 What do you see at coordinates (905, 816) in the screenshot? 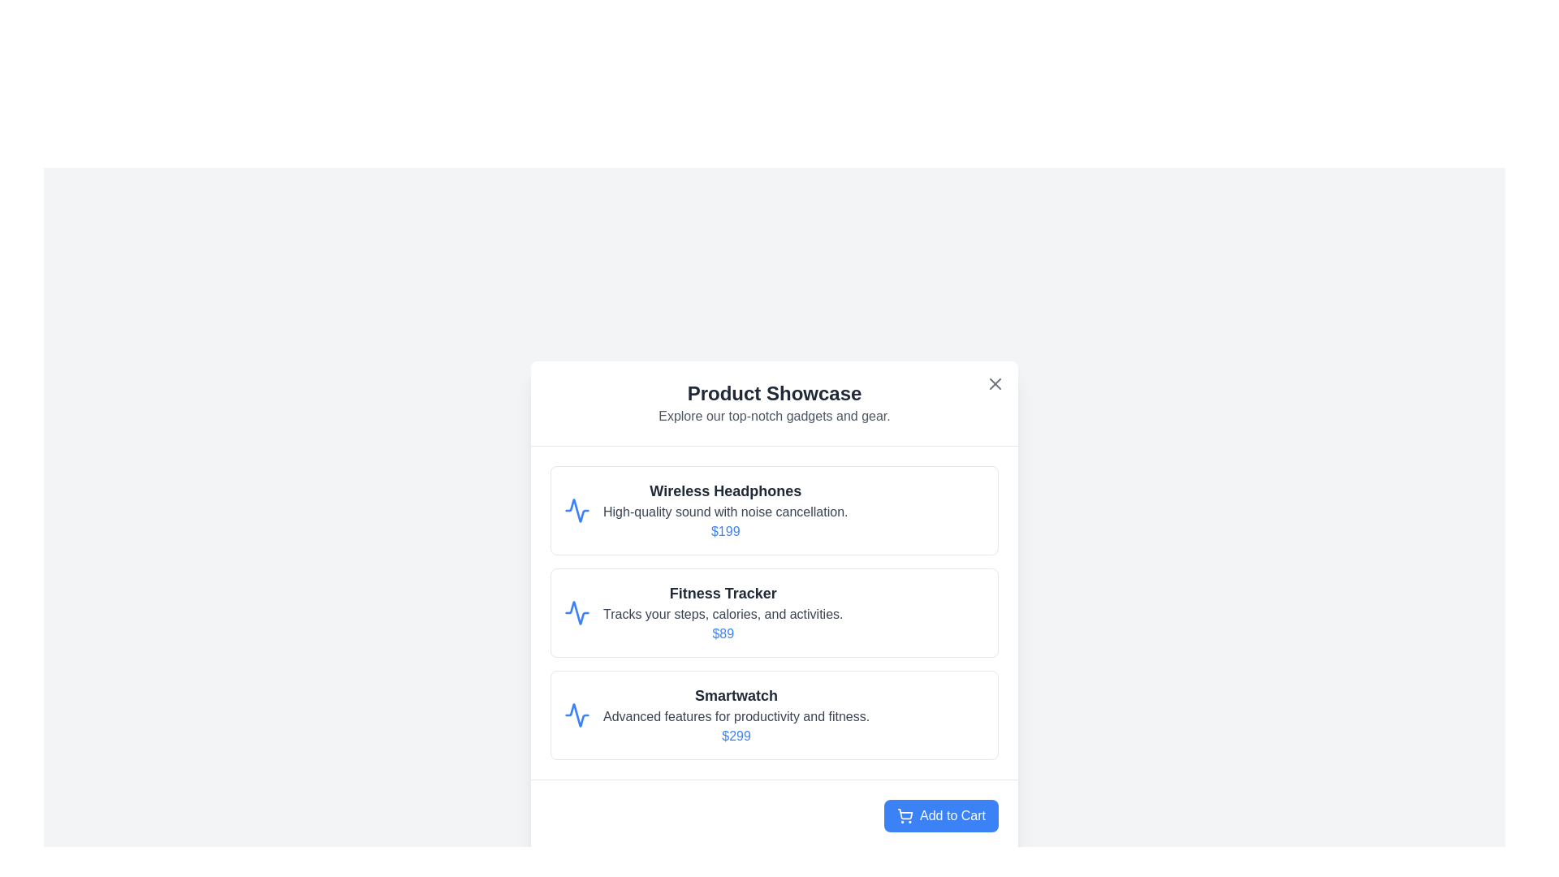
I see `the shopping cart icon located on the left side of the 'Add to Cart' button` at bounding box center [905, 816].